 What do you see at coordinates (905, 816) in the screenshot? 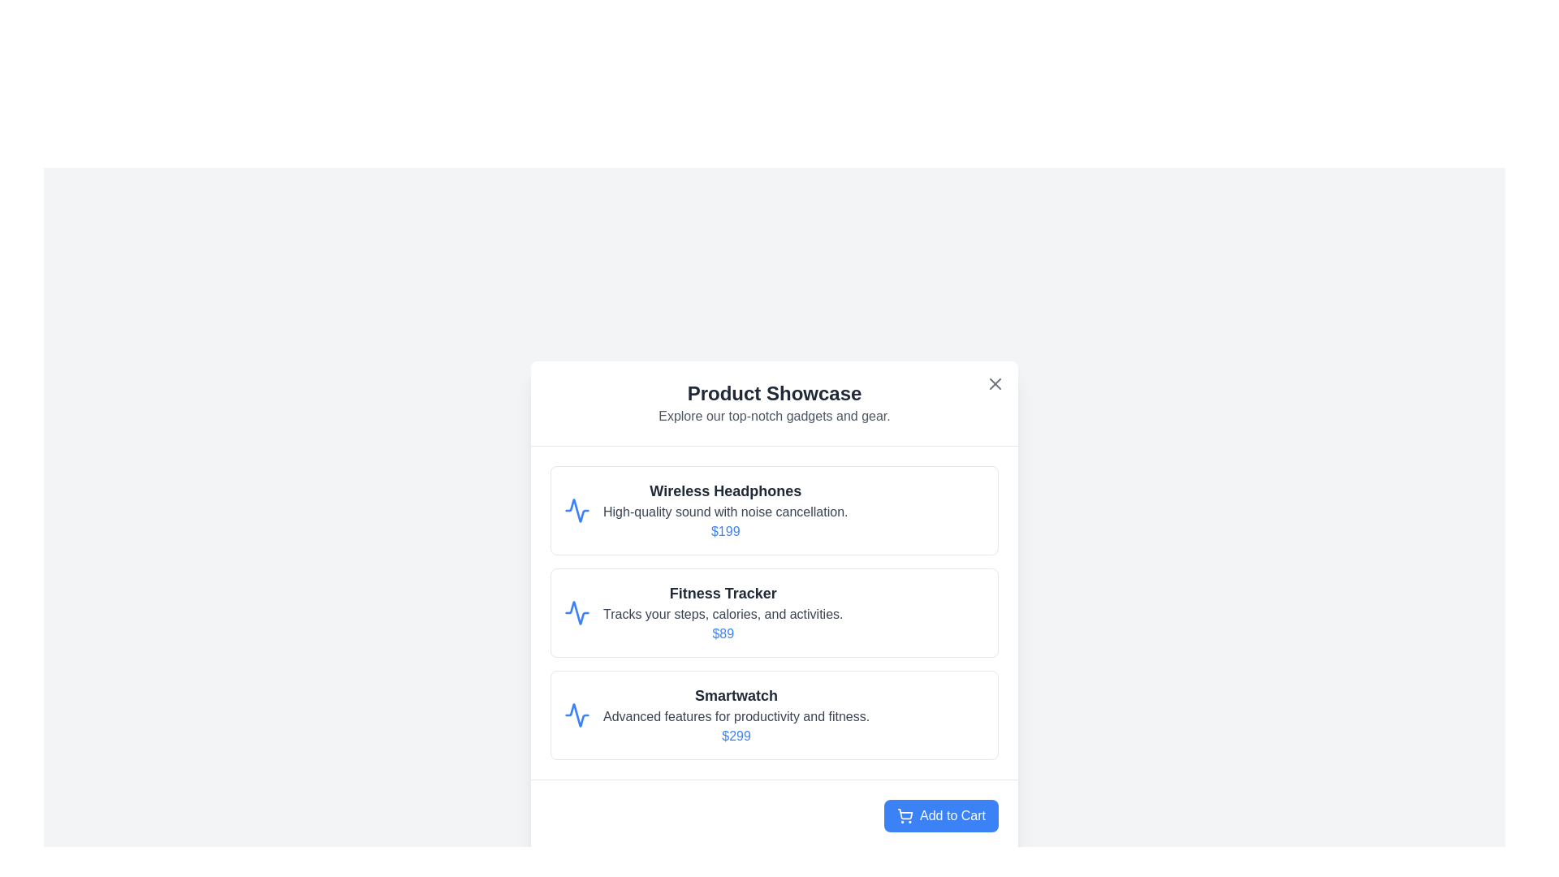
I see `the shopping cart icon located on the left side of the 'Add to Cart' button` at bounding box center [905, 816].